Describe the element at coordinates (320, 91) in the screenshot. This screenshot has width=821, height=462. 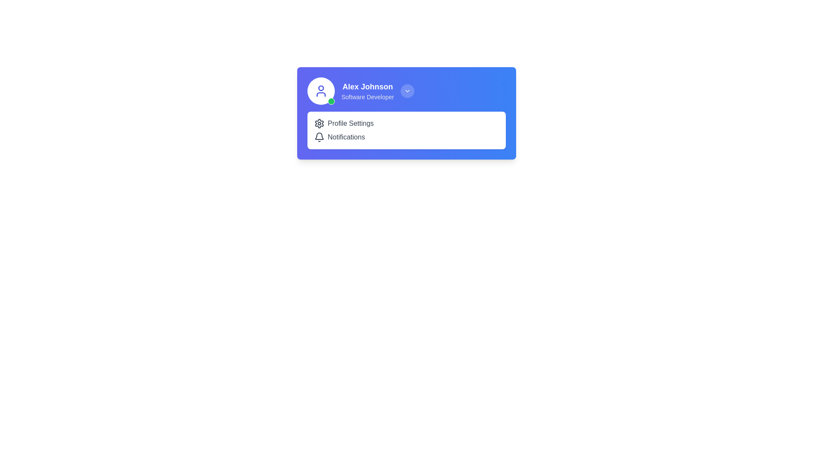
I see `the user avatar with a green status indicator for additional options, located` at that location.